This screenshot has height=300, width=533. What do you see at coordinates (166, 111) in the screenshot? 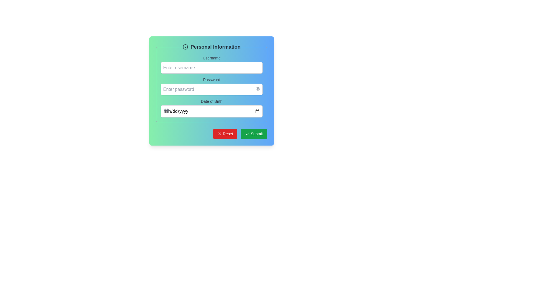
I see `the calendar icon, which is a small vector graphic with a grid-like structure, styled with rounded edges and positioned to the left of the 'Date of Birth' text input field` at bounding box center [166, 111].